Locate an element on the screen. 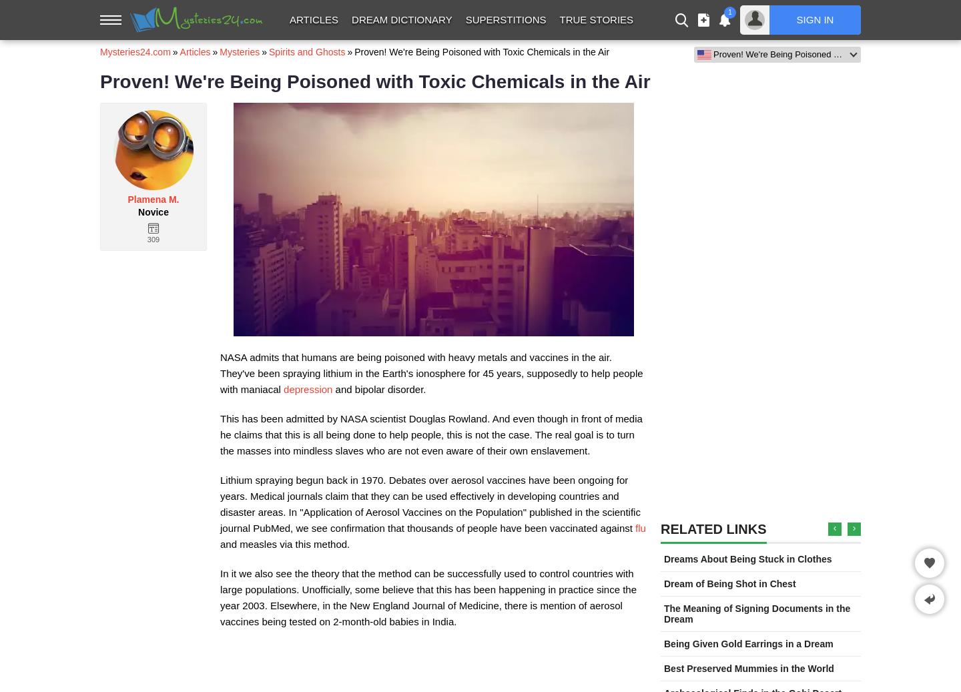 This screenshot has width=961, height=692. 'The Meaning of Signing Documents in the Dream' is located at coordinates (756, 614).